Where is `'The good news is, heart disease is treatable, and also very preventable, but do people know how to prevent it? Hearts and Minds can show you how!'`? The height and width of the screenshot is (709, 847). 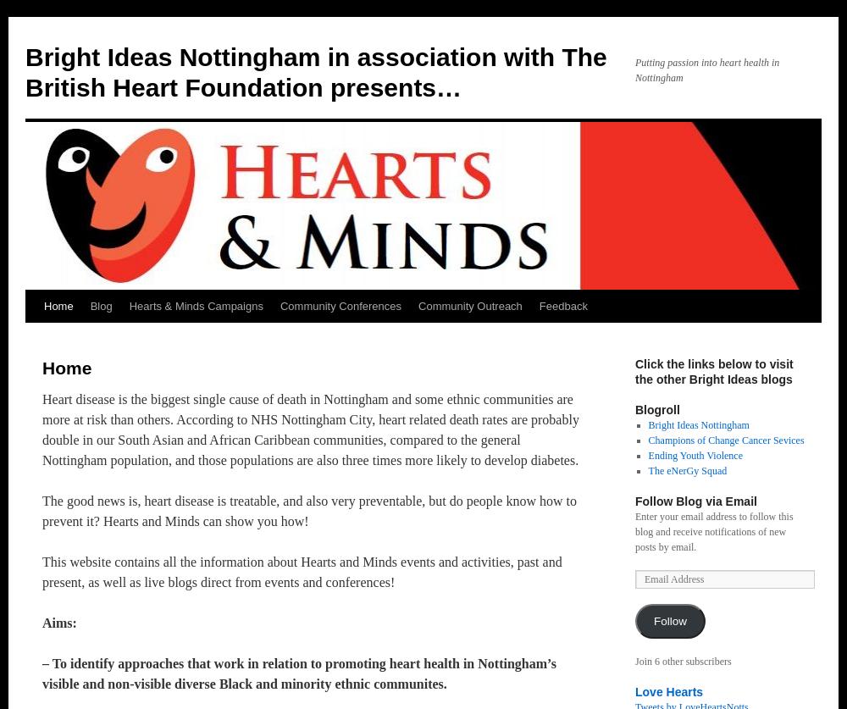
'The good news is, heart disease is treatable, and also very preventable, but do people know how to prevent it? Hearts and Minds can show you how!' is located at coordinates (42, 511).